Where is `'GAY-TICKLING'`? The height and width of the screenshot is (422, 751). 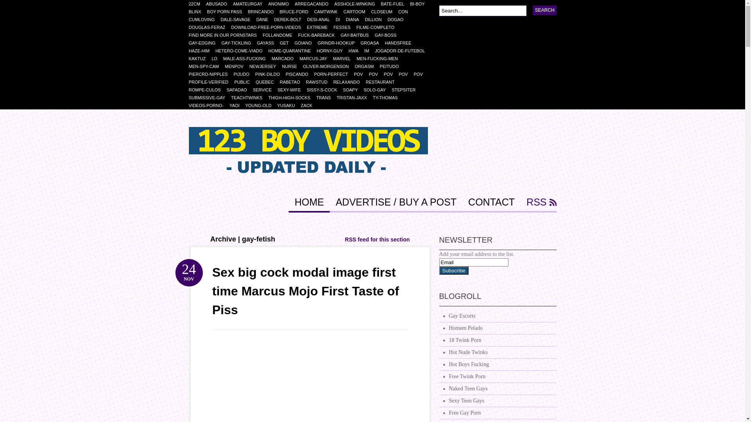 'GAY-TICKLING' is located at coordinates (239, 43).